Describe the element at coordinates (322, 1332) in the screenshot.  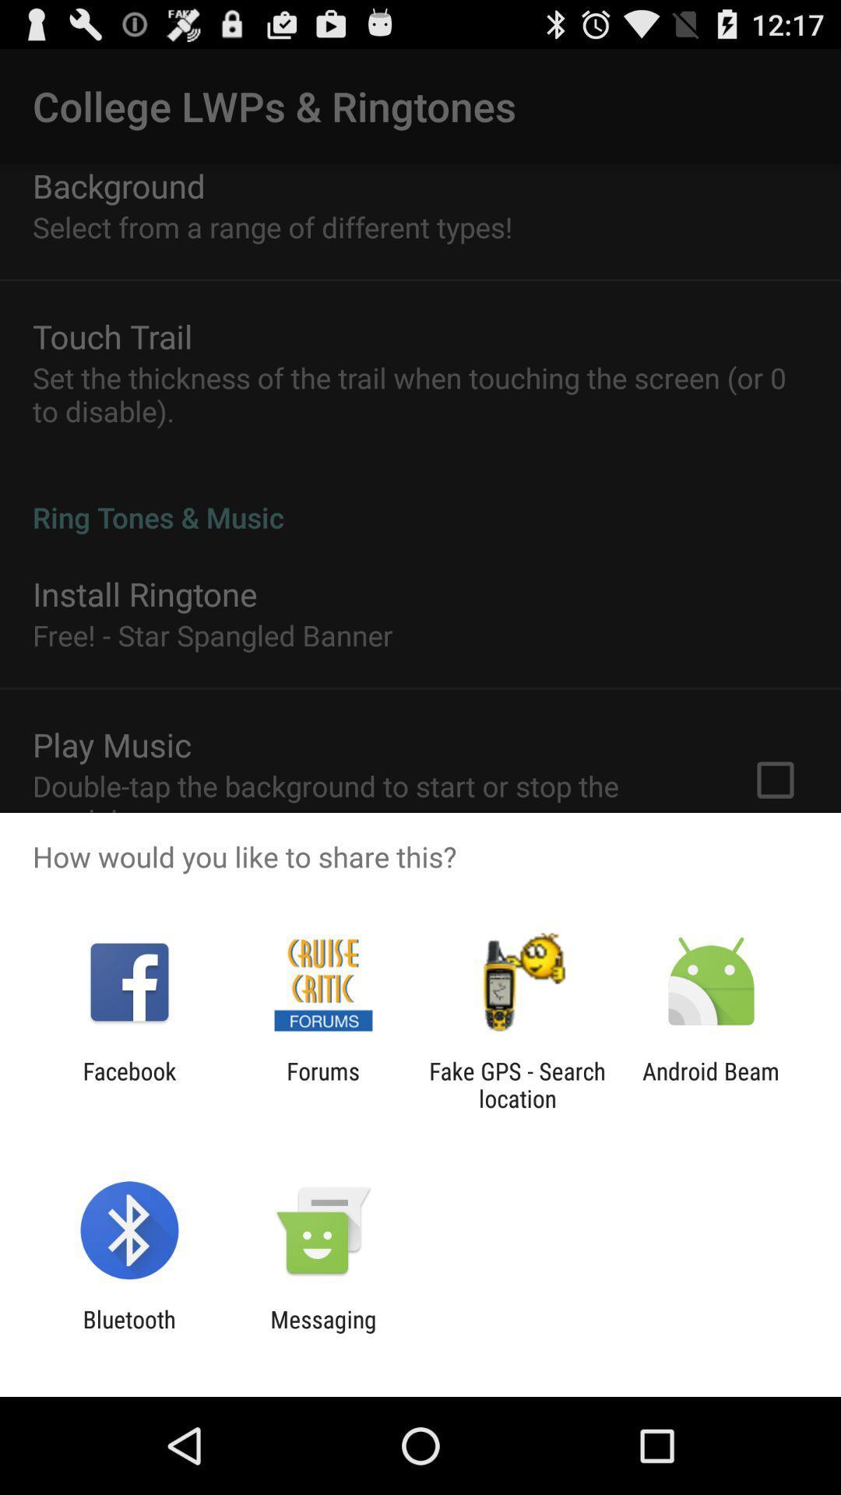
I see `item next to the bluetooth icon` at that location.